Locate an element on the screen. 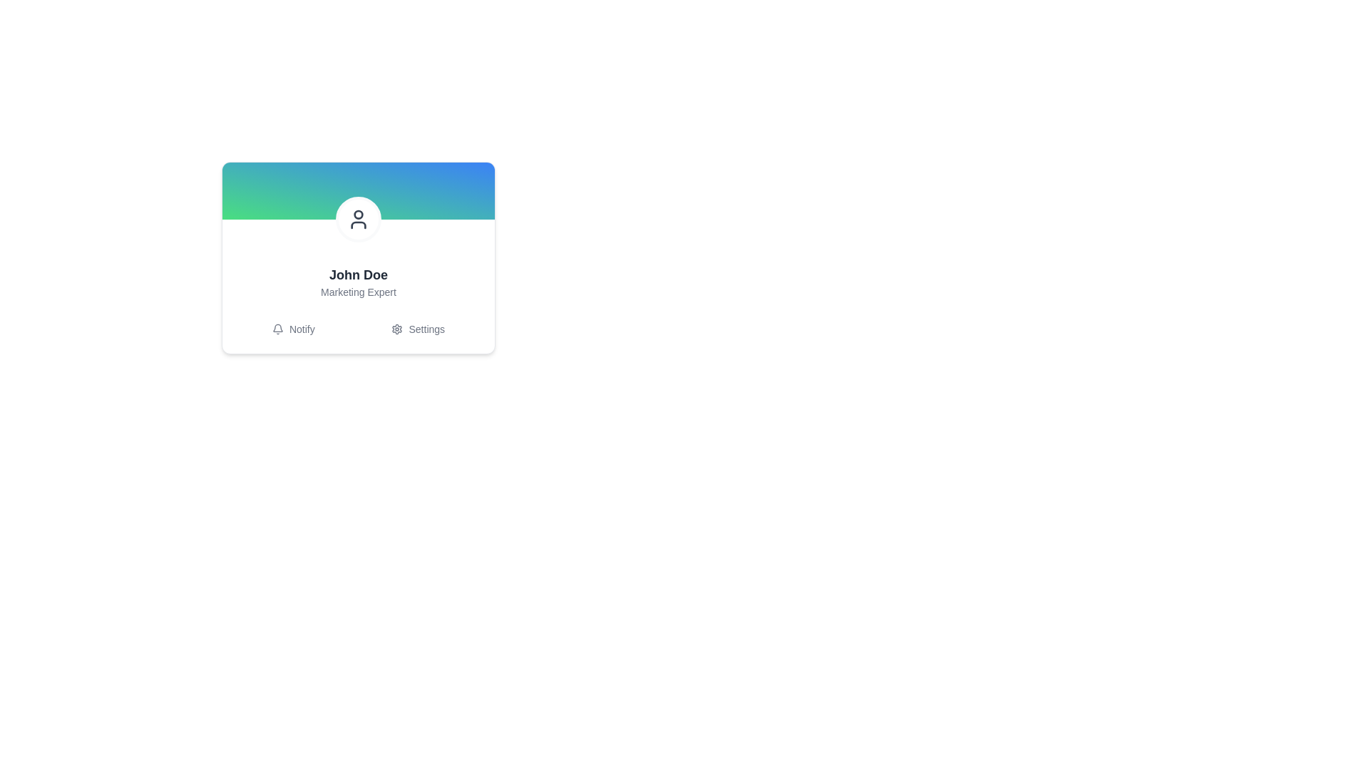 This screenshot has width=1369, height=770. the text label displaying 'Marketing Expert', which is located directly below the name 'John Doe' in the profile card layout is located at coordinates (359, 291).